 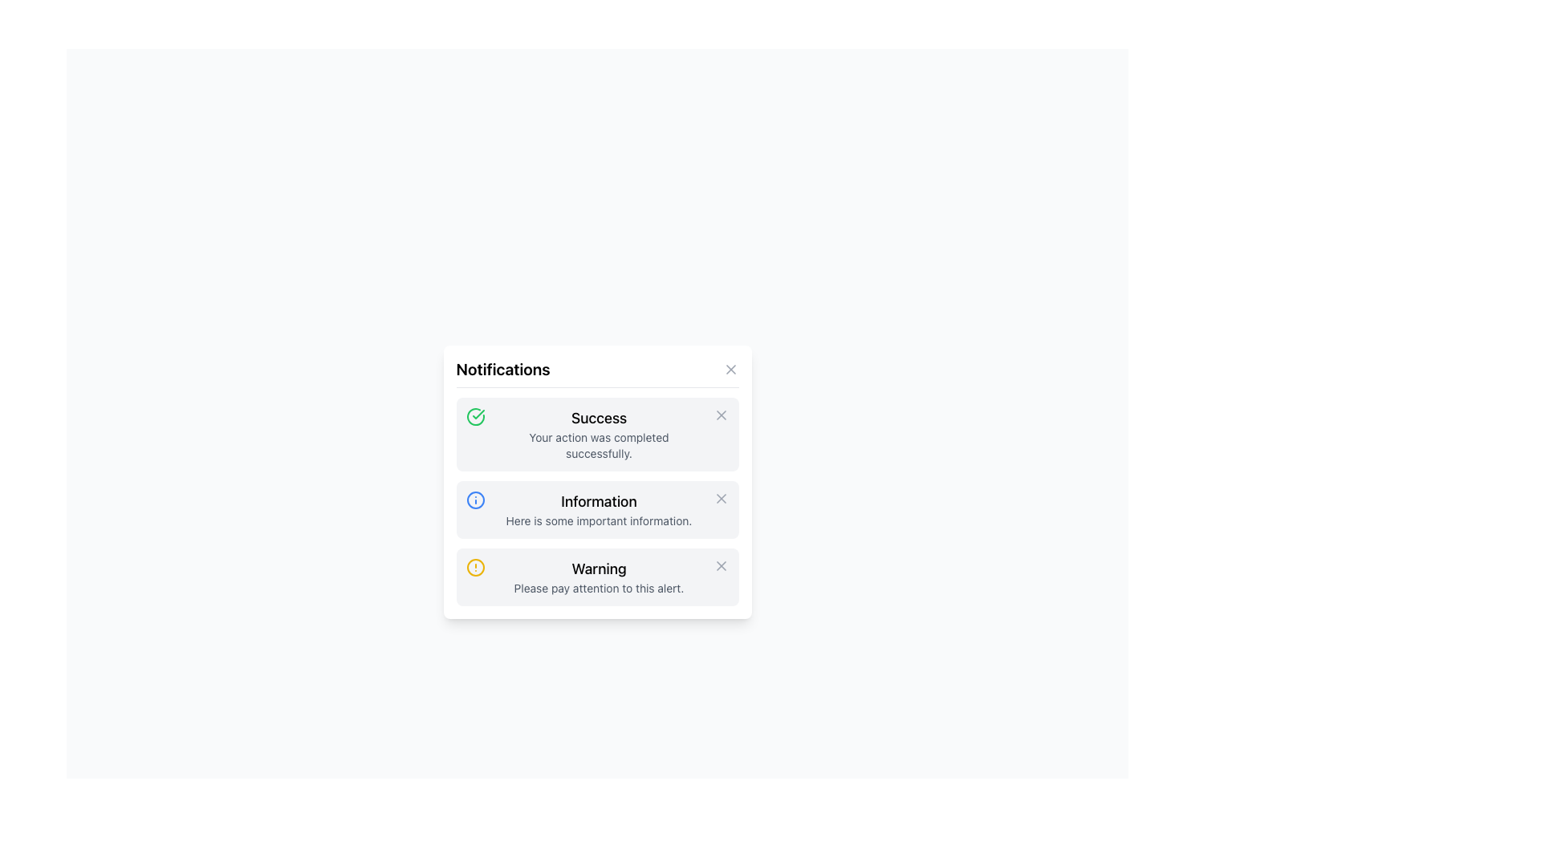 What do you see at coordinates (598, 417) in the screenshot?
I see `the 'Success' text label, which is prominently displayed in bold font within the first notification card of the 'Notifications' list, positioned above a smaller descriptive text and to the right of a green circular checkmark icon` at bounding box center [598, 417].